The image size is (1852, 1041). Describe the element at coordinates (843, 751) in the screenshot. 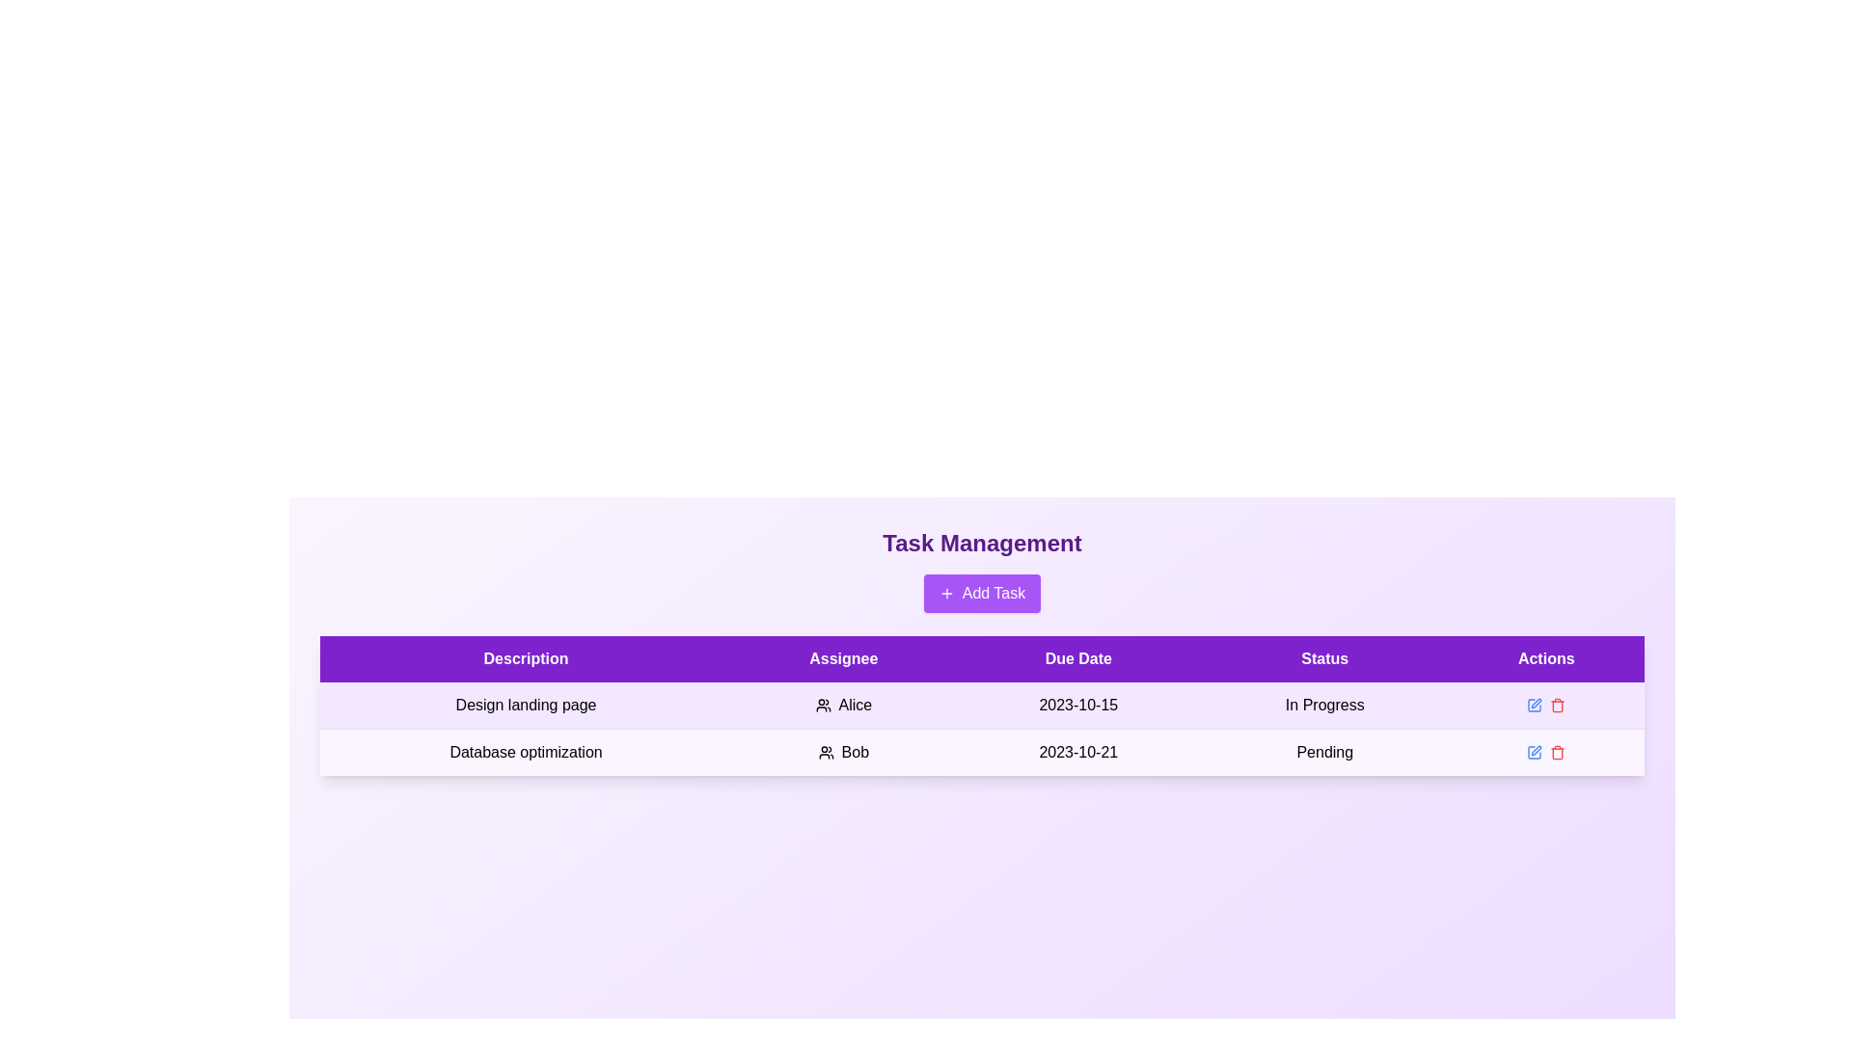

I see `the Tag label displaying 'Bob' with a group icon, located under the 'Assignee' column in the task table for 'Database optimization'` at that location.